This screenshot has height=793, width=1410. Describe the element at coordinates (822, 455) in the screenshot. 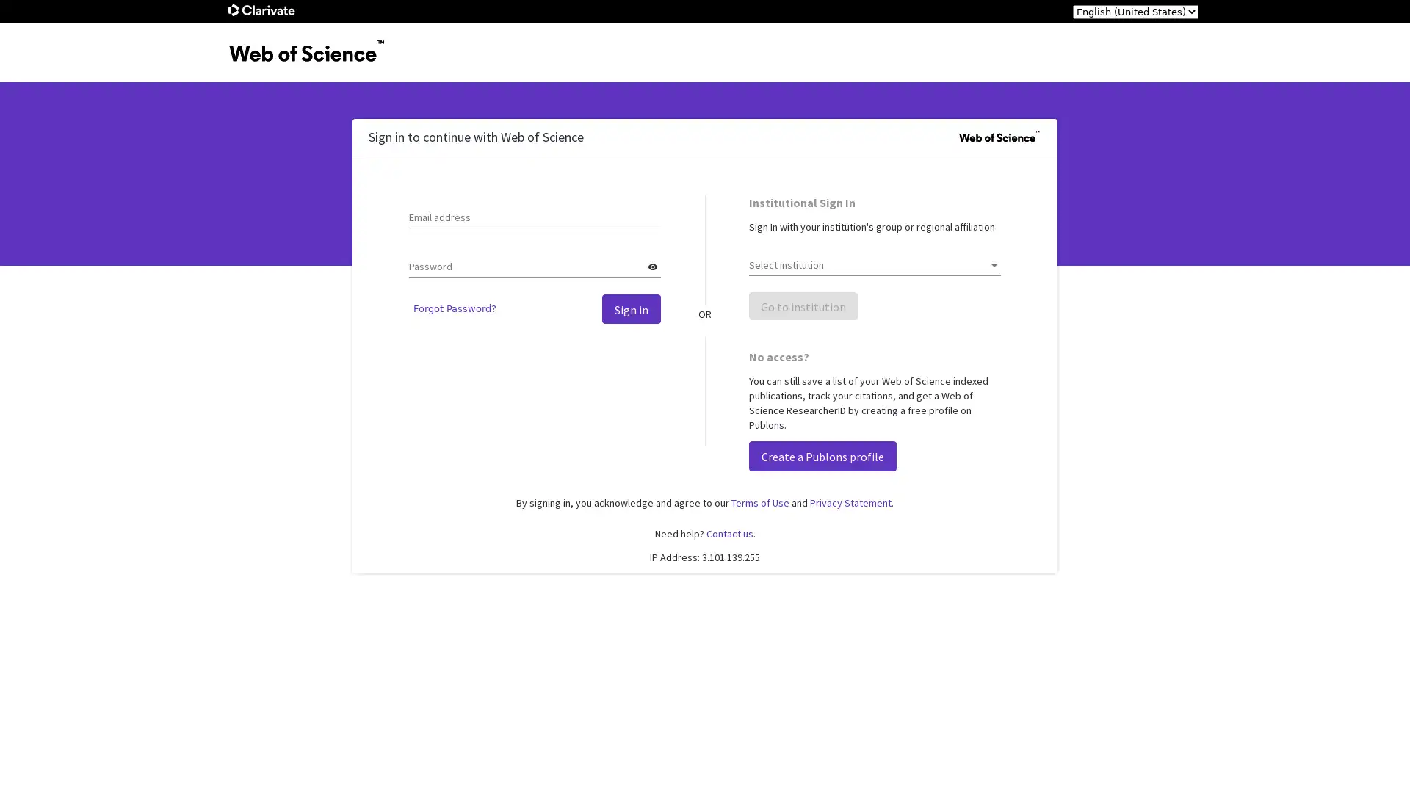

I see `Create a Publons profile` at that location.